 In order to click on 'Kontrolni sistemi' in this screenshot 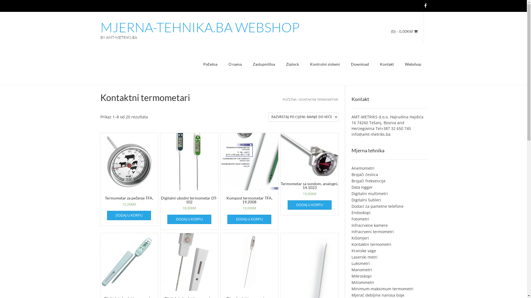, I will do `click(325, 65)`.